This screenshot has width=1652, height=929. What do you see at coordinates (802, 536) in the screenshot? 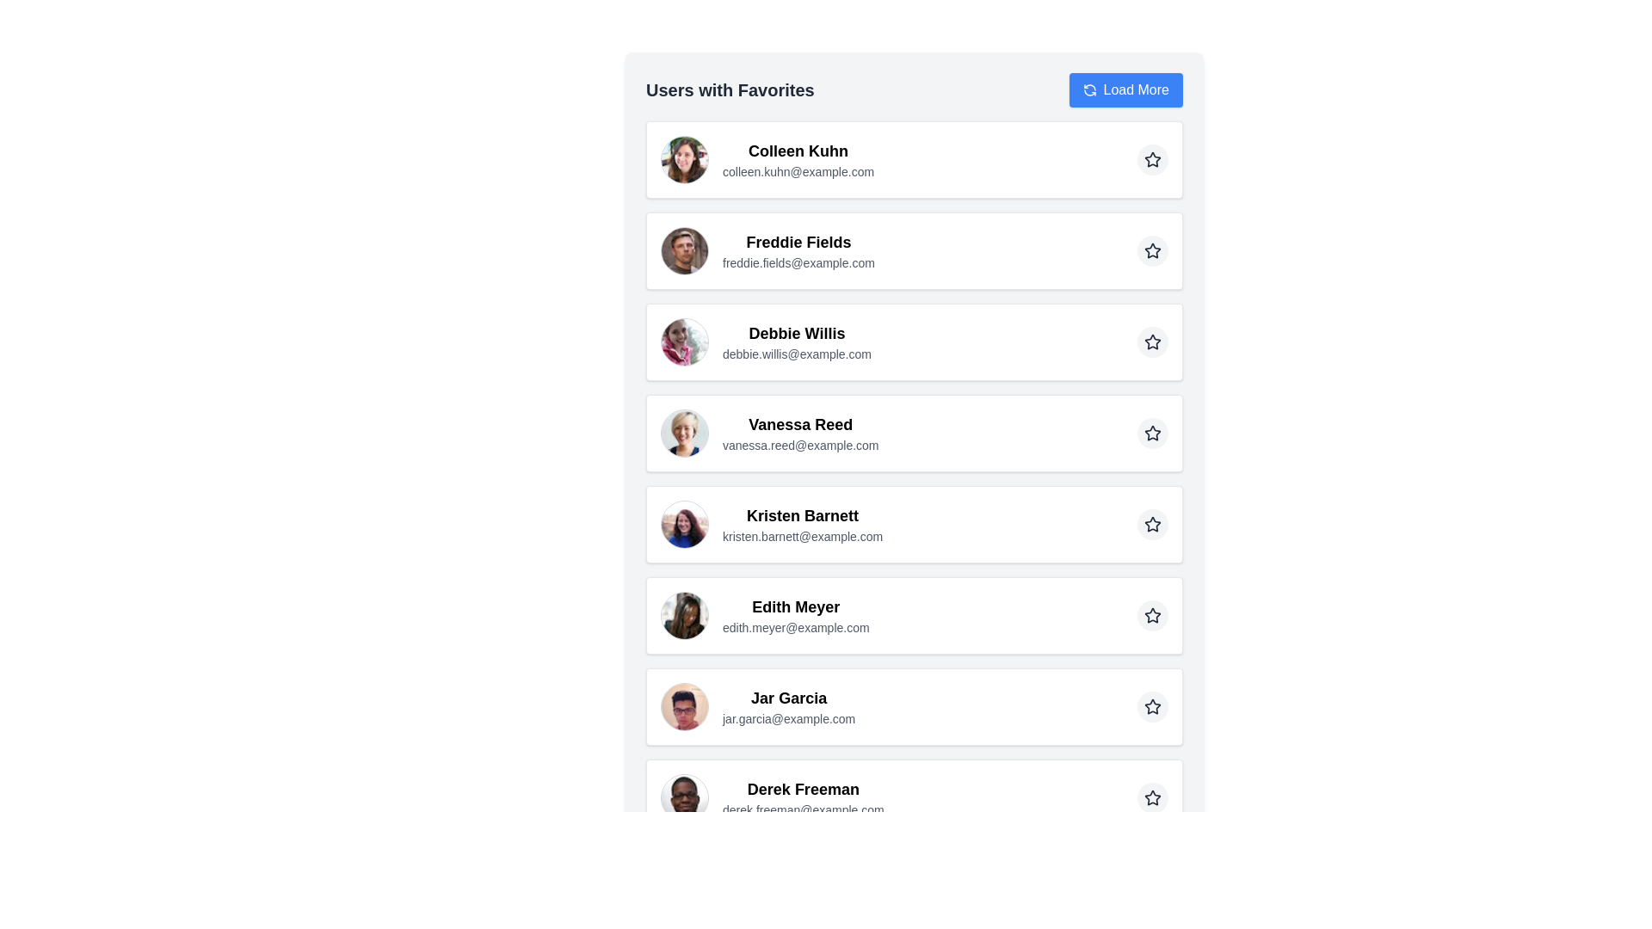
I see `text content displaying the email address 'kristen.barnett@example.com', which is styled in a smaller font size and gray color, located beneath the name 'Kristen Barnett' in the user panel` at bounding box center [802, 536].